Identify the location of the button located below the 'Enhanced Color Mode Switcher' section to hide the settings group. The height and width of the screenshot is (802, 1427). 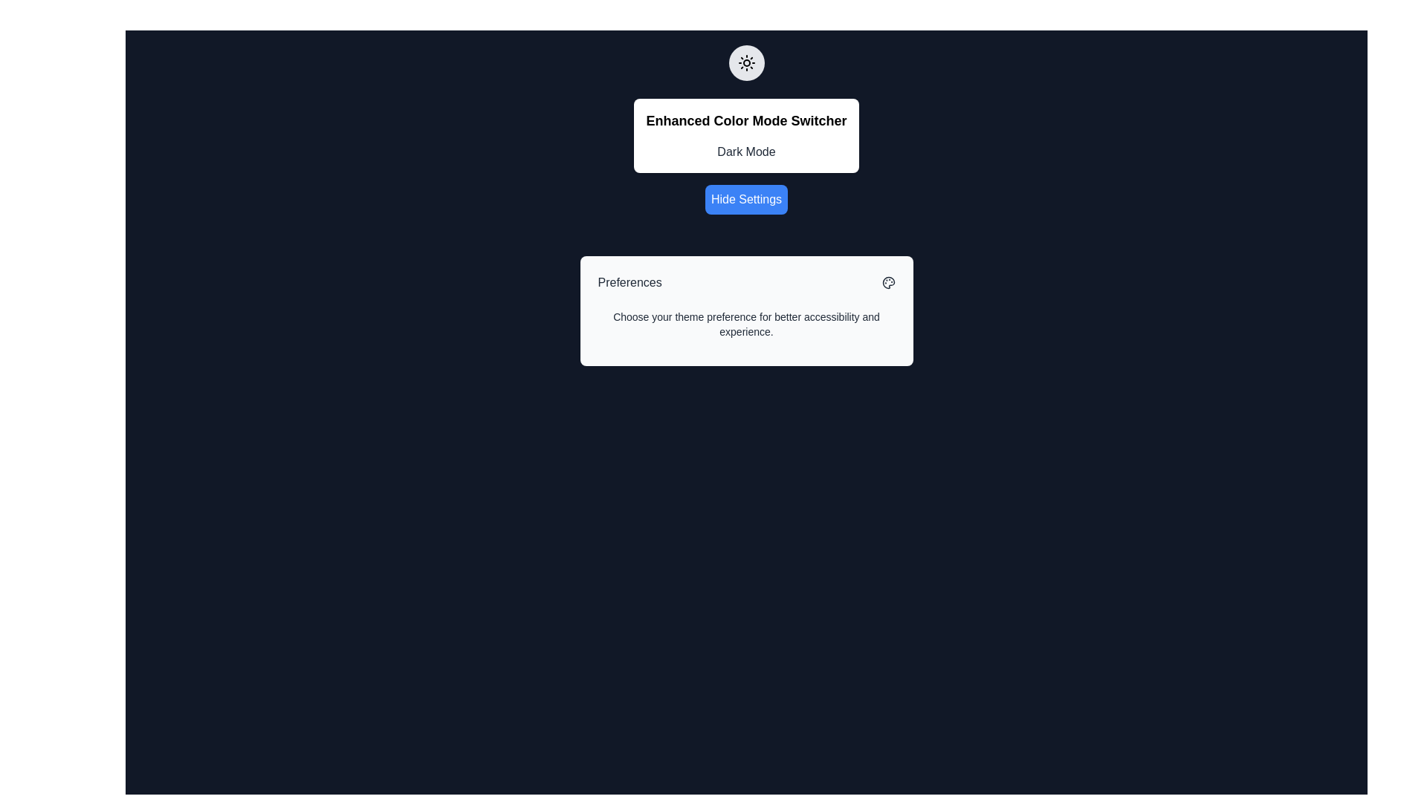
(745, 199).